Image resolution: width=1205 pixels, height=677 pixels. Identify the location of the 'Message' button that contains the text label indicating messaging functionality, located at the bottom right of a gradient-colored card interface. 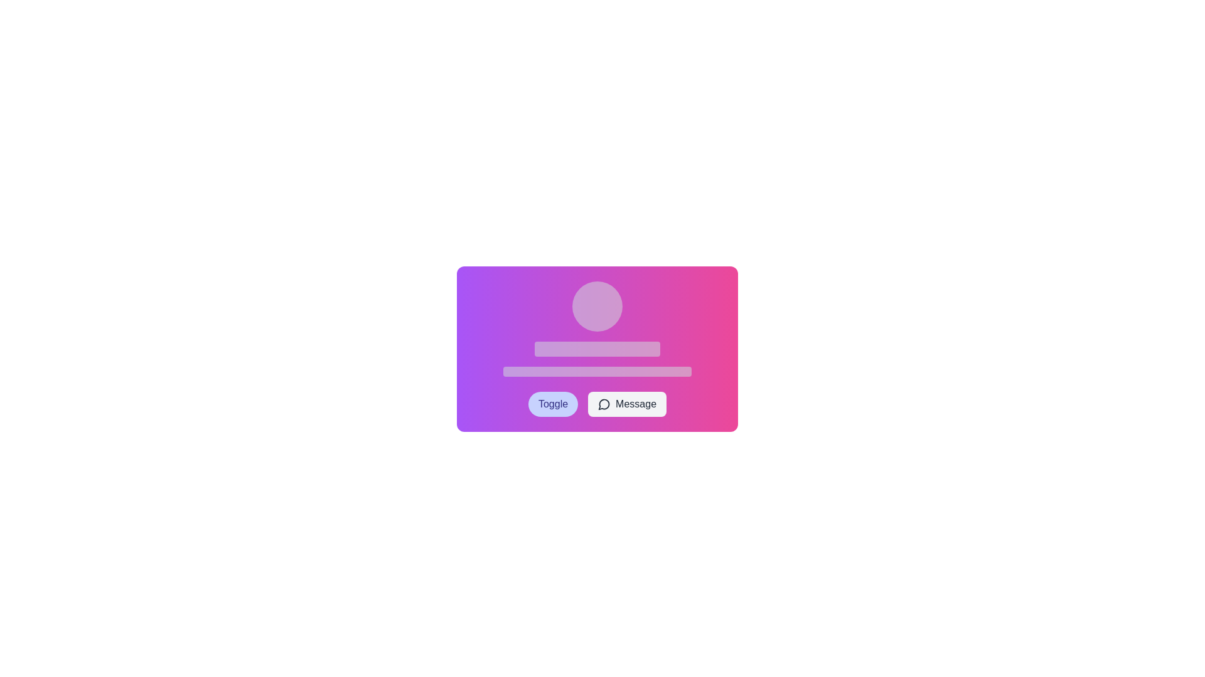
(636, 404).